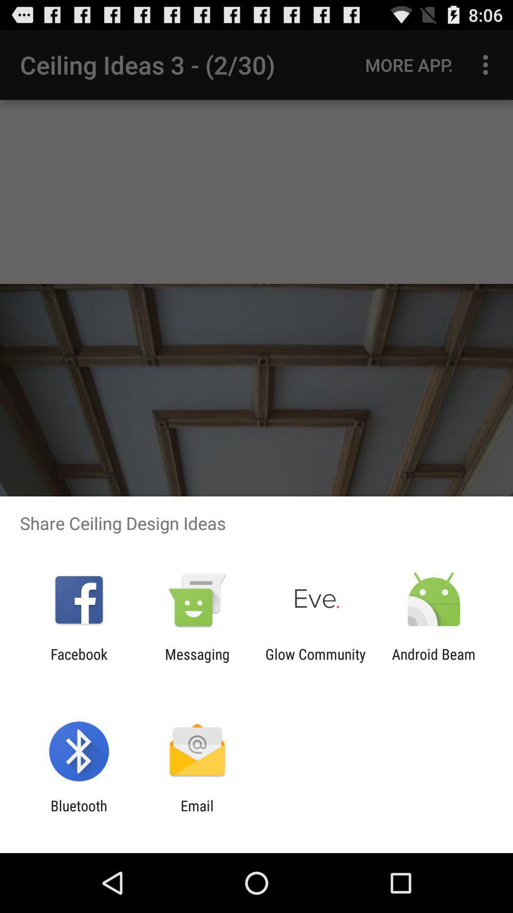 This screenshot has width=513, height=913. Describe the element at coordinates (315, 662) in the screenshot. I see `the app next to the android beam app` at that location.